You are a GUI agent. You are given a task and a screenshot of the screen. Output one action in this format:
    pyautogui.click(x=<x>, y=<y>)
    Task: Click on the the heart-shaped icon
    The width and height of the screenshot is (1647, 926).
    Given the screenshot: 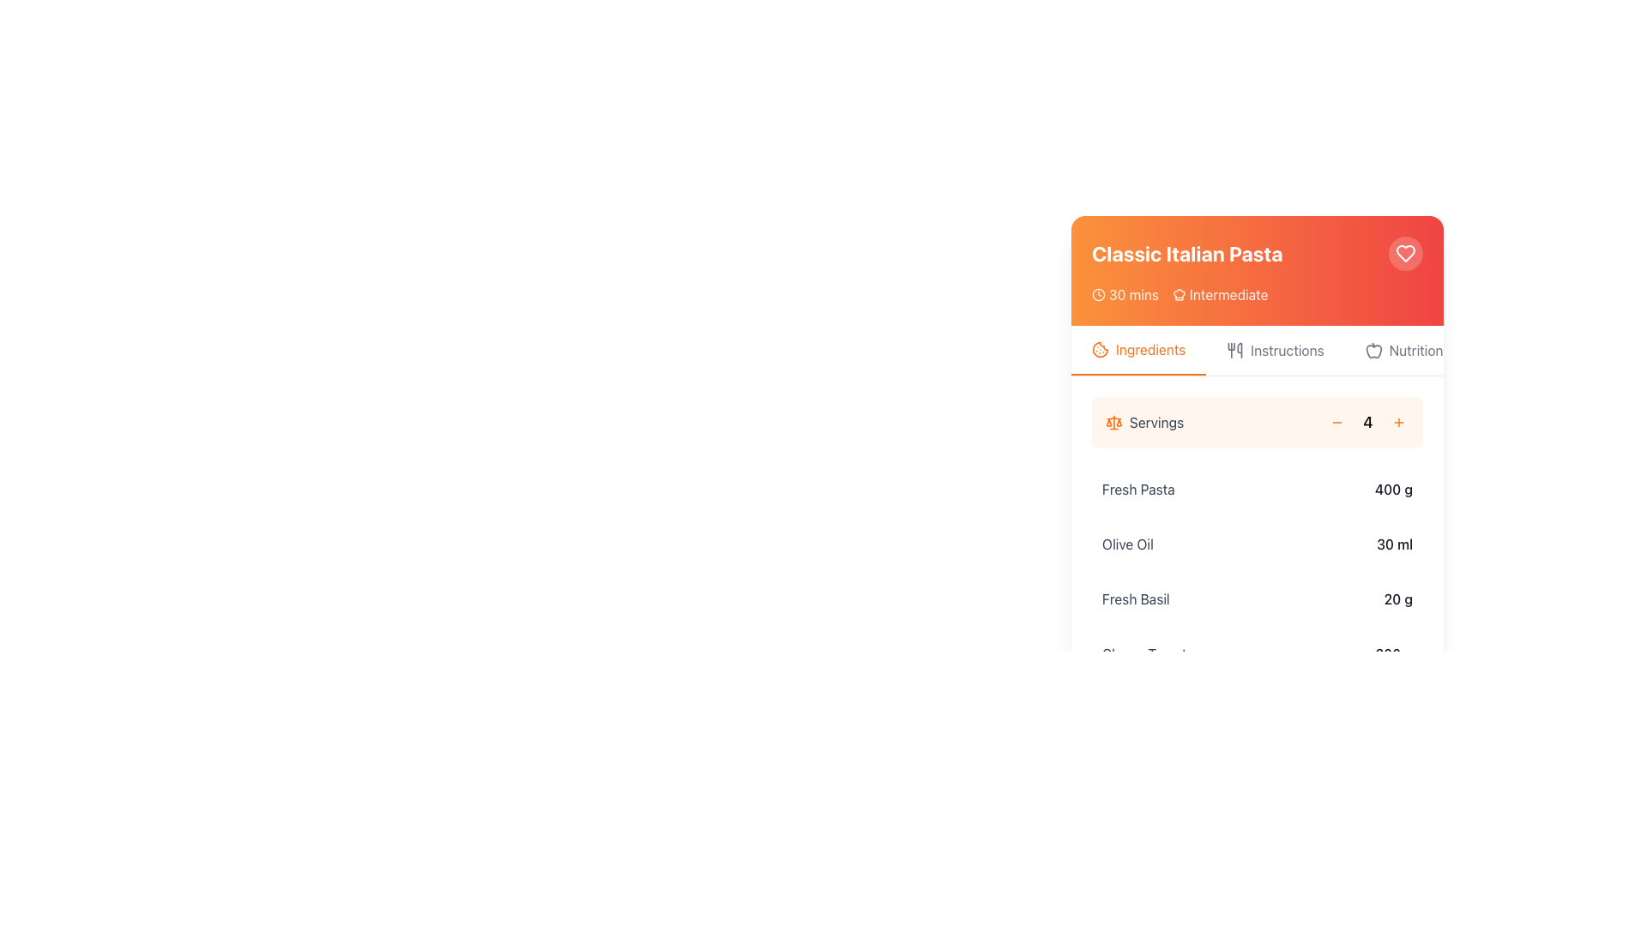 What is the action you would take?
    pyautogui.click(x=1405, y=254)
    